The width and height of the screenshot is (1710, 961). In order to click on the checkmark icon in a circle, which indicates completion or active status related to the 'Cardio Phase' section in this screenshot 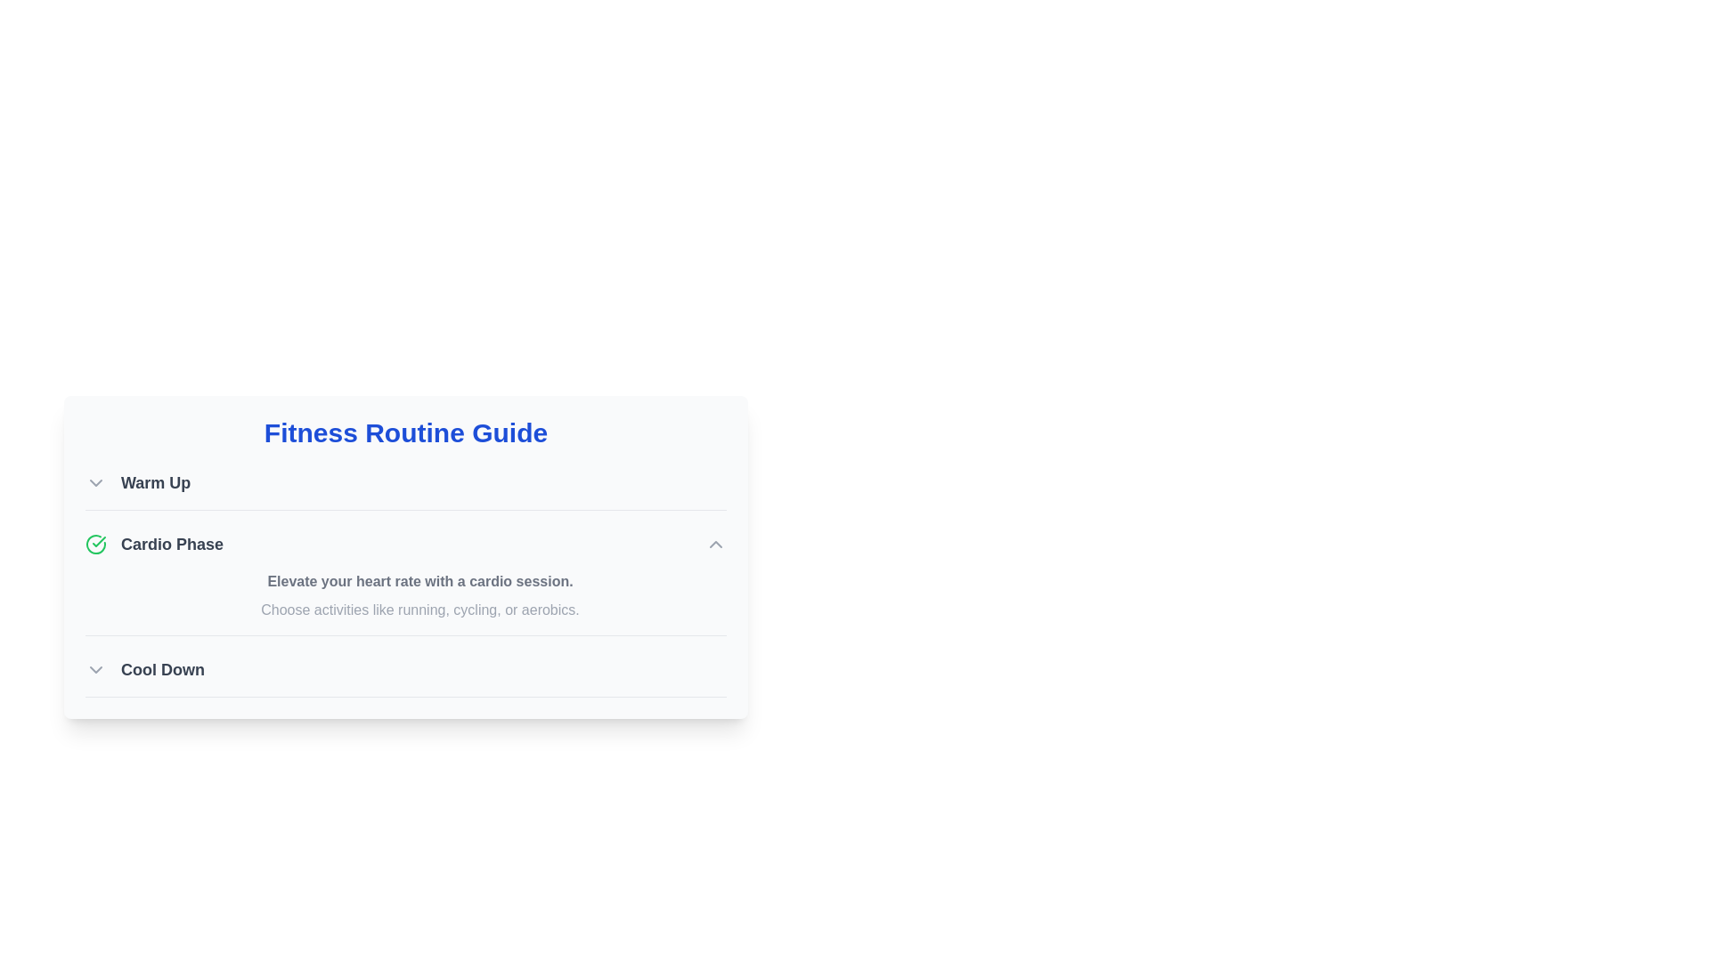, I will do `click(95, 544)`.